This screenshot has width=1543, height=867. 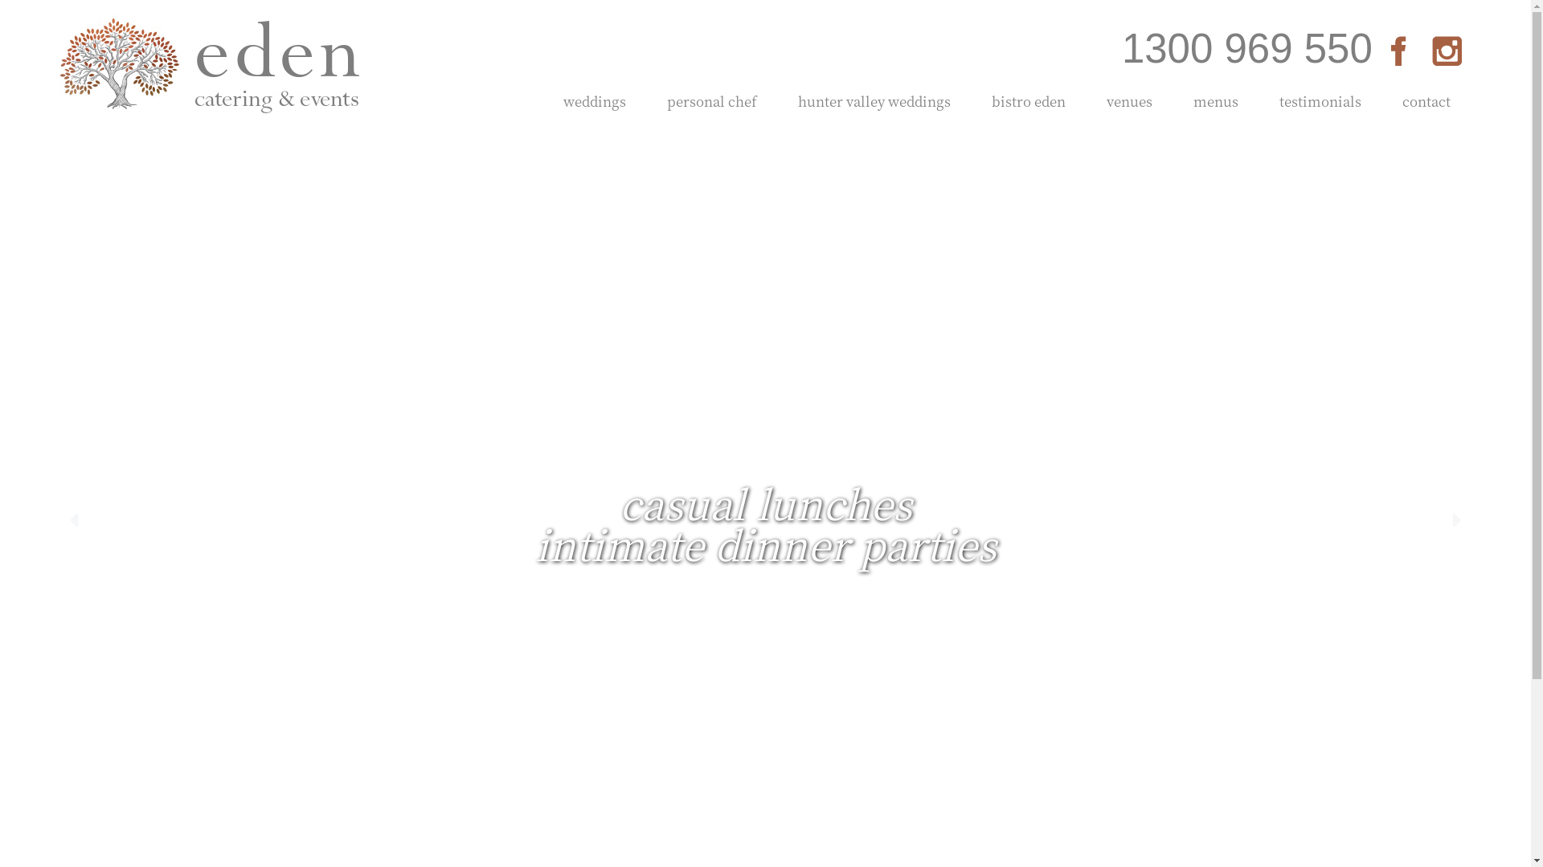 What do you see at coordinates (1423, 51) in the screenshot?
I see `'Instagram'` at bounding box center [1423, 51].